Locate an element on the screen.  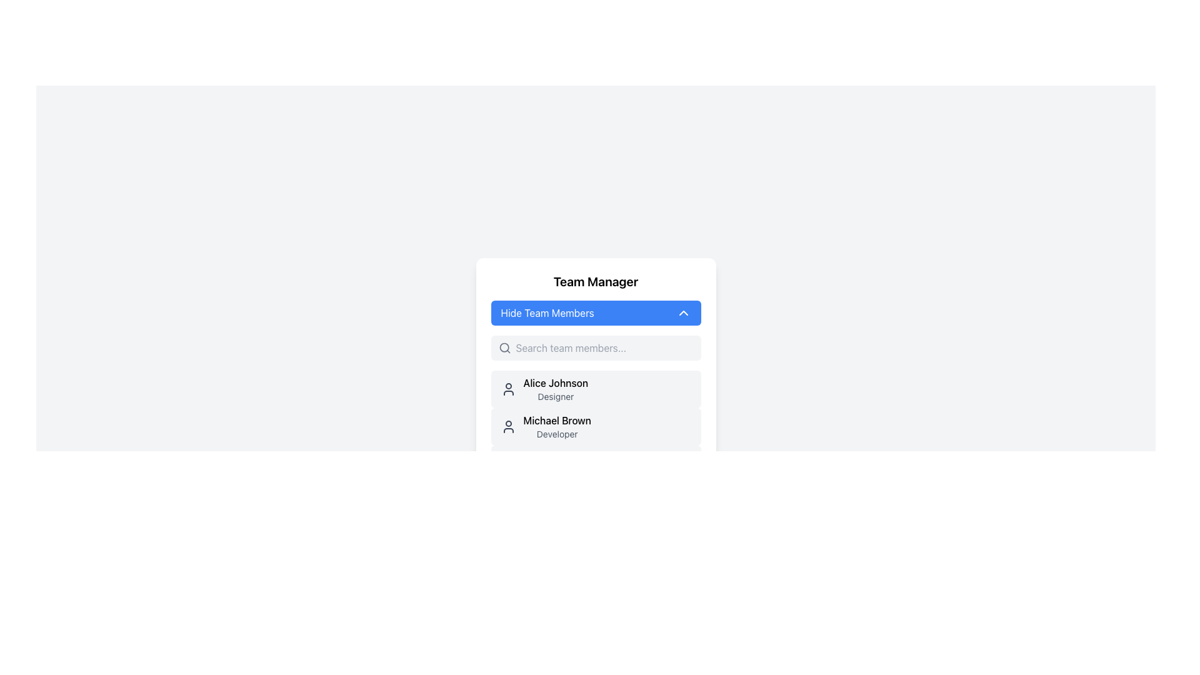
the magnifying glass search icon located at the left end of the search input field with the placeholder 'Search team members...' is located at coordinates (504, 347).